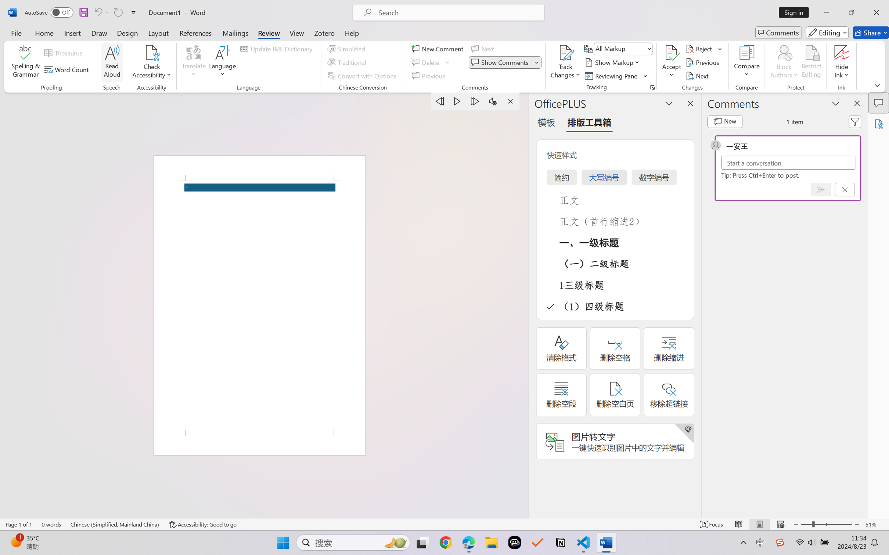  What do you see at coordinates (222, 62) in the screenshot?
I see `'Language'` at bounding box center [222, 62].